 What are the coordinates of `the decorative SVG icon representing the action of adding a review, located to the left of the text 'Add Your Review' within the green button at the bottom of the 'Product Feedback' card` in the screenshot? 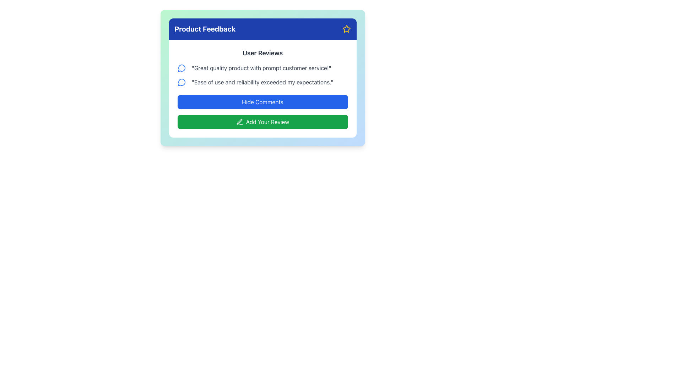 It's located at (239, 121).